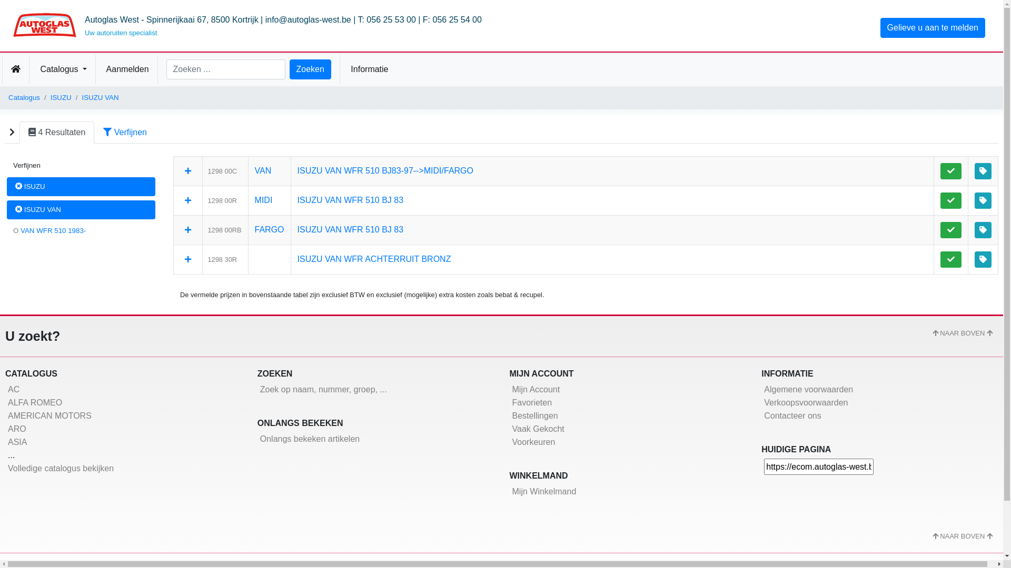 The width and height of the screenshot is (1011, 568). I want to click on 'AC', so click(7, 389).